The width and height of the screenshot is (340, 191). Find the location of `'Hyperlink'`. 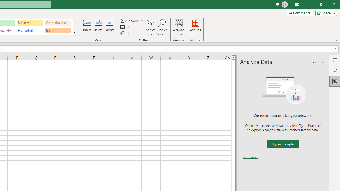

'Hyperlink' is located at coordinates (30, 30).